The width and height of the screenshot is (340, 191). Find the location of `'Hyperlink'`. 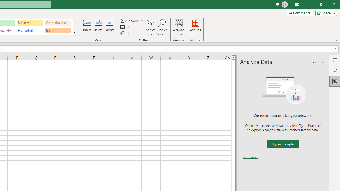

'Hyperlink' is located at coordinates (30, 30).